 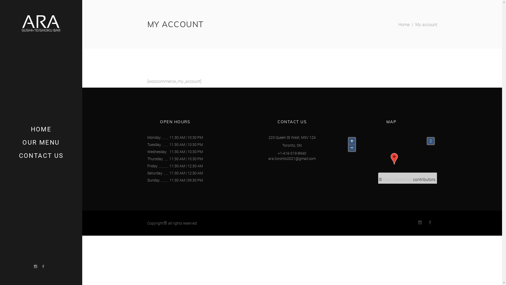 What do you see at coordinates (12, 129) in the screenshot?
I see `'HOME'` at bounding box center [12, 129].